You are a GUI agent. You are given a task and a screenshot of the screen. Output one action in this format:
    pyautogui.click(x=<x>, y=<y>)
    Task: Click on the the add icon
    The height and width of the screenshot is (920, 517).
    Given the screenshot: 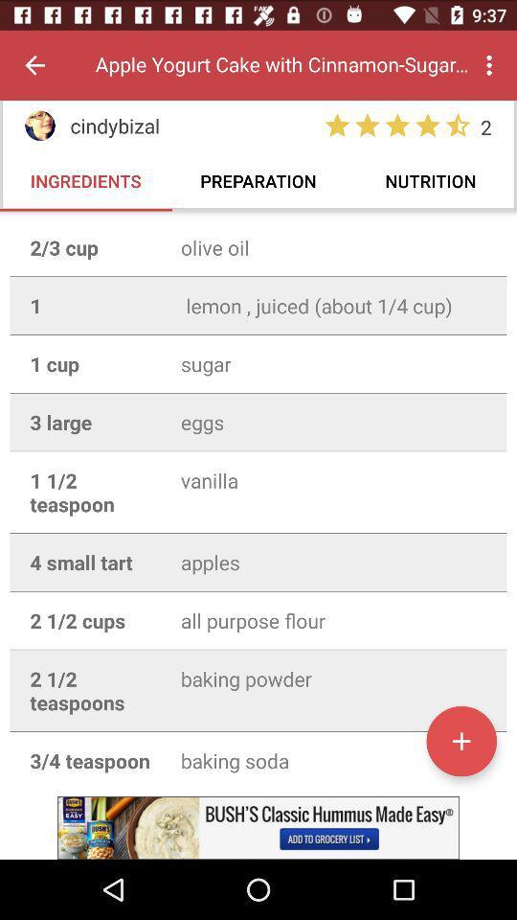 What is the action you would take?
    pyautogui.click(x=461, y=740)
    